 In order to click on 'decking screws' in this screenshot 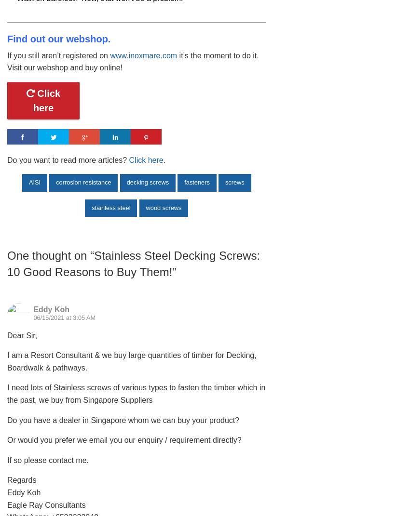, I will do `click(148, 182)`.